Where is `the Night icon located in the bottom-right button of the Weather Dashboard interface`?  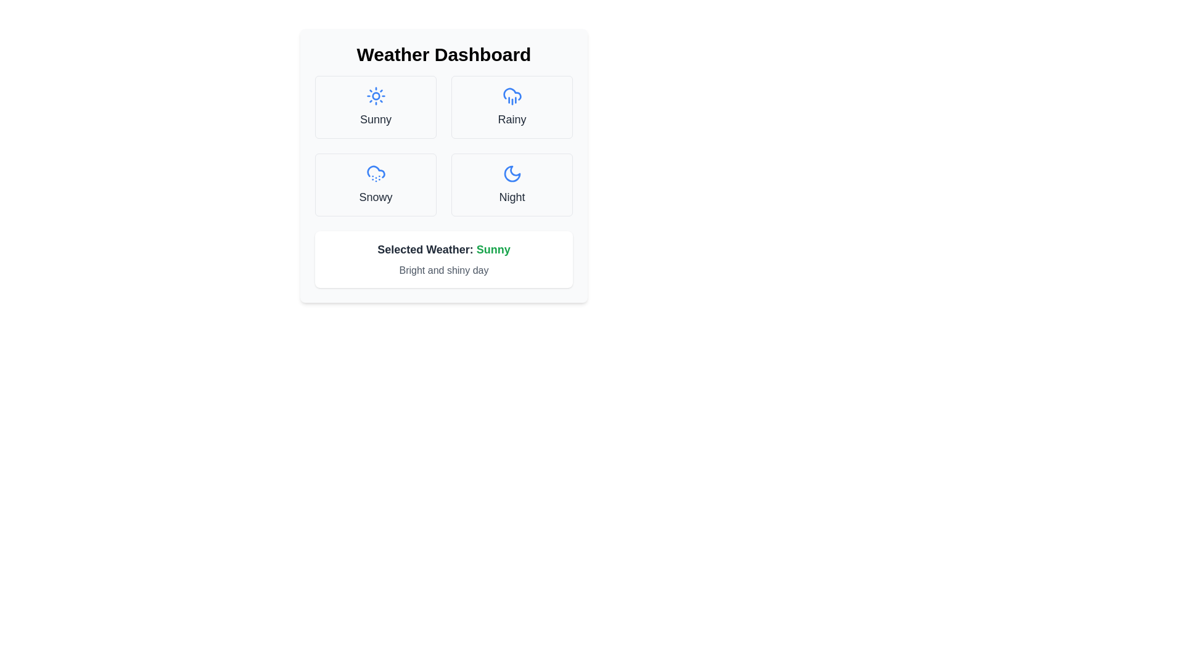
the Night icon located in the bottom-right button of the Weather Dashboard interface is located at coordinates (512, 173).